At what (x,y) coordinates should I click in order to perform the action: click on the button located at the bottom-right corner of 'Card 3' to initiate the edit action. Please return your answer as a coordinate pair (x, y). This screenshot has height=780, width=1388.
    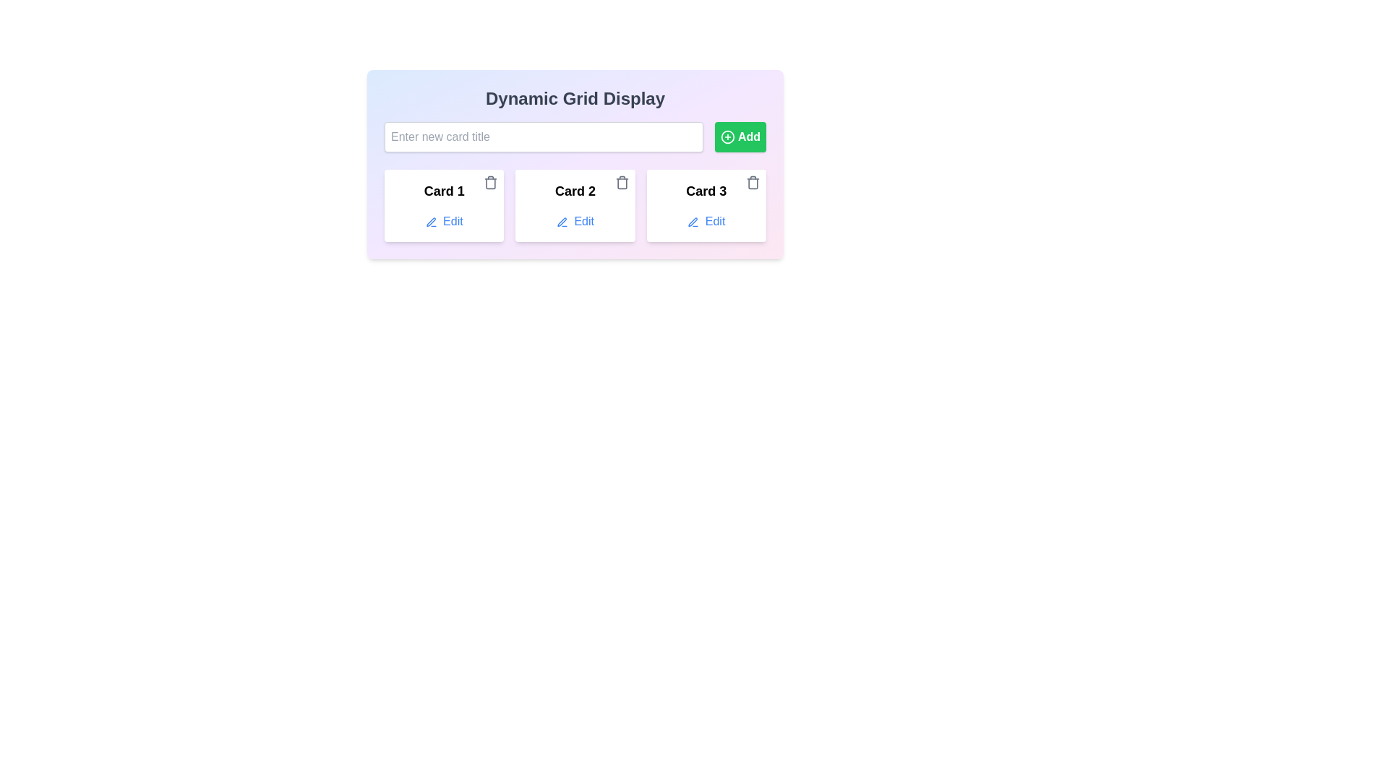
    Looking at the image, I should click on (706, 222).